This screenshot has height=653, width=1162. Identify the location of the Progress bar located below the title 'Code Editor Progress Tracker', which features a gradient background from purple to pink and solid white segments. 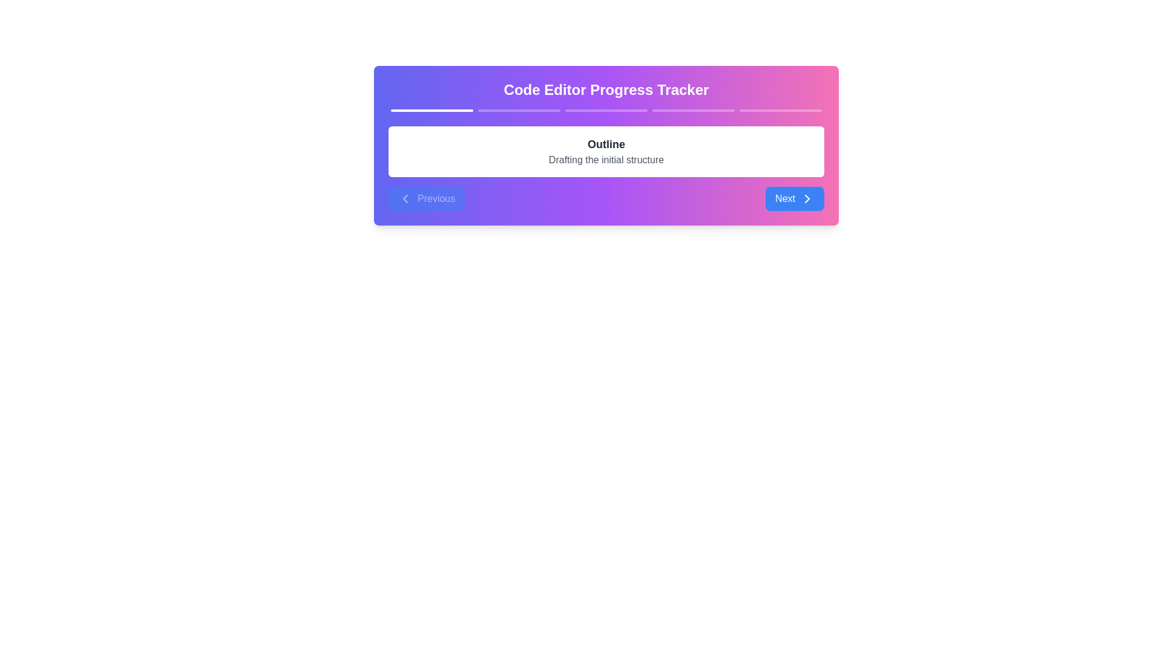
(606, 110).